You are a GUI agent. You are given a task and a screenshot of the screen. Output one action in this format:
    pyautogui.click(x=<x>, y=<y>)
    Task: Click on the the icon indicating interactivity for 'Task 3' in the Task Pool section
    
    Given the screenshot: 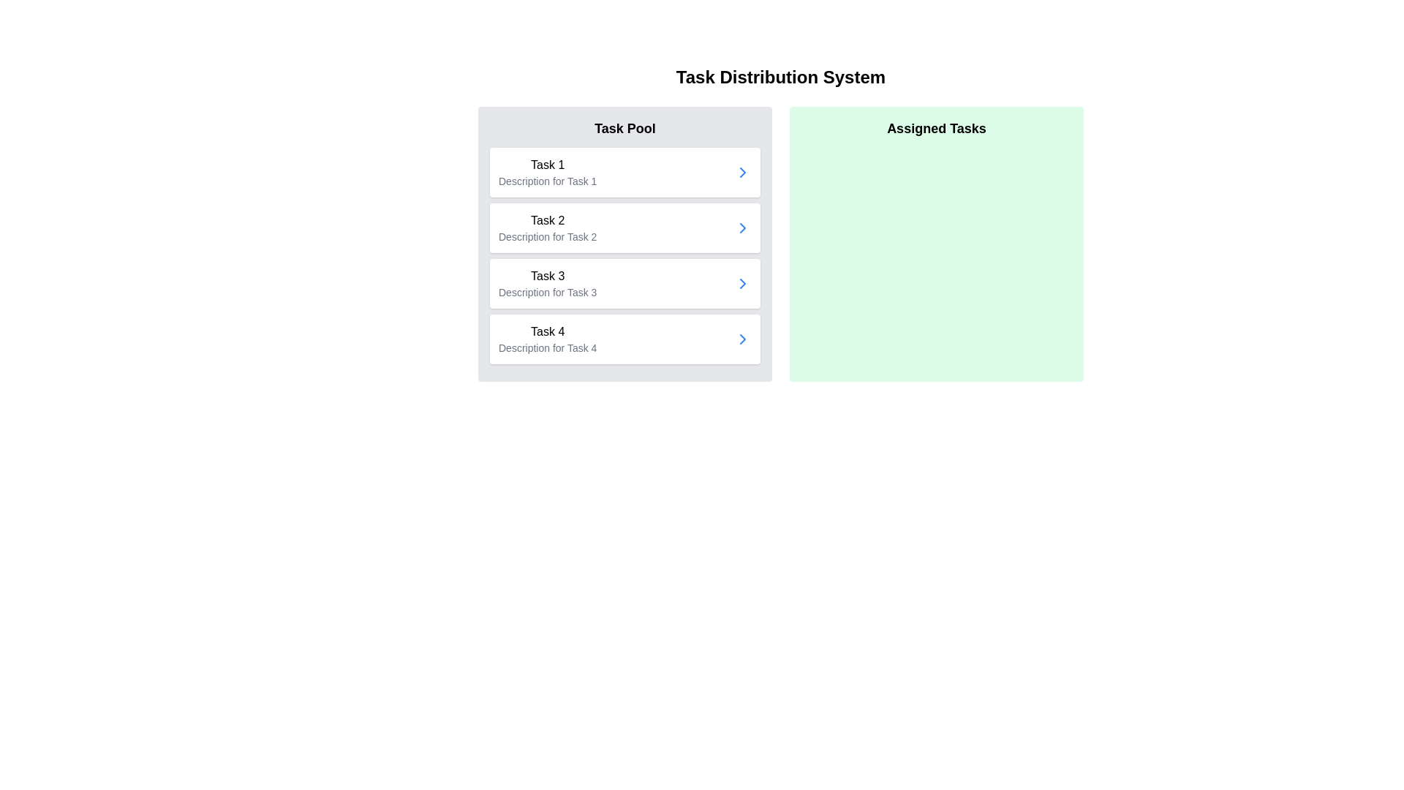 What is the action you would take?
    pyautogui.click(x=743, y=339)
    